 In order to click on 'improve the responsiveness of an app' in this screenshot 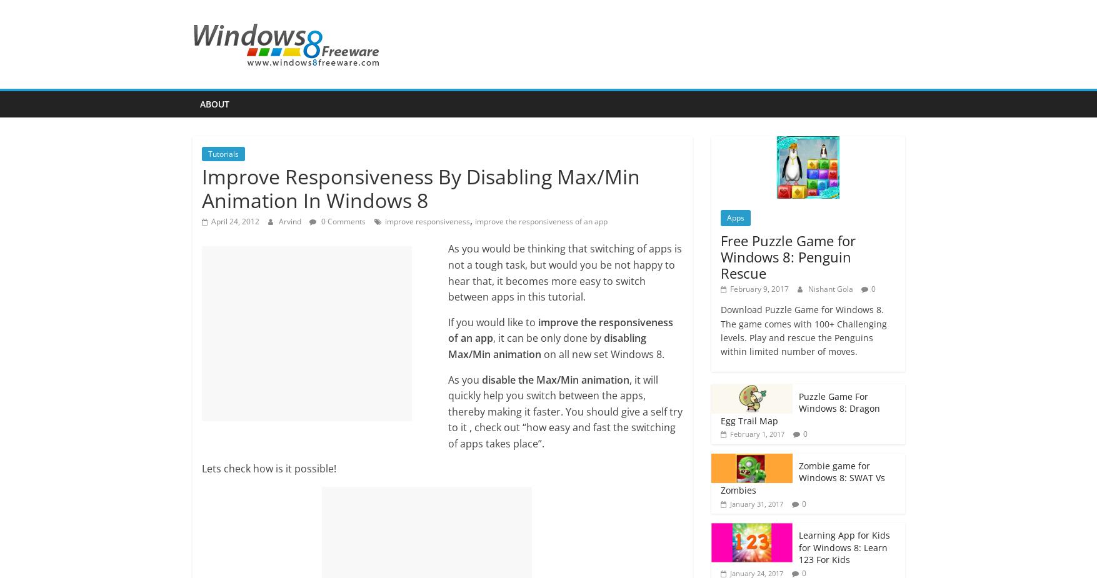, I will do `click(541, 220)`.